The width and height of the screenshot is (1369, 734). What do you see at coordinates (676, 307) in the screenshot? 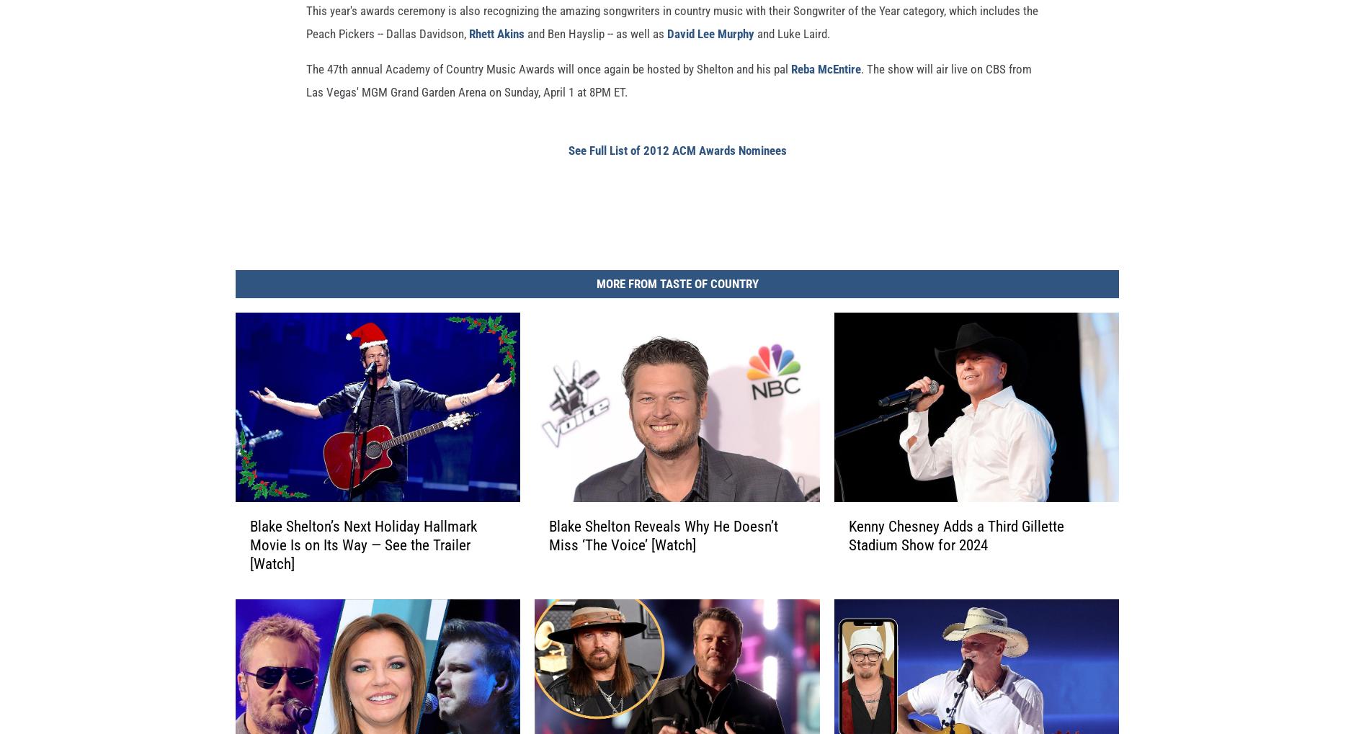
I see `'More From Taste of Country'` at bounding box center [676, 307].